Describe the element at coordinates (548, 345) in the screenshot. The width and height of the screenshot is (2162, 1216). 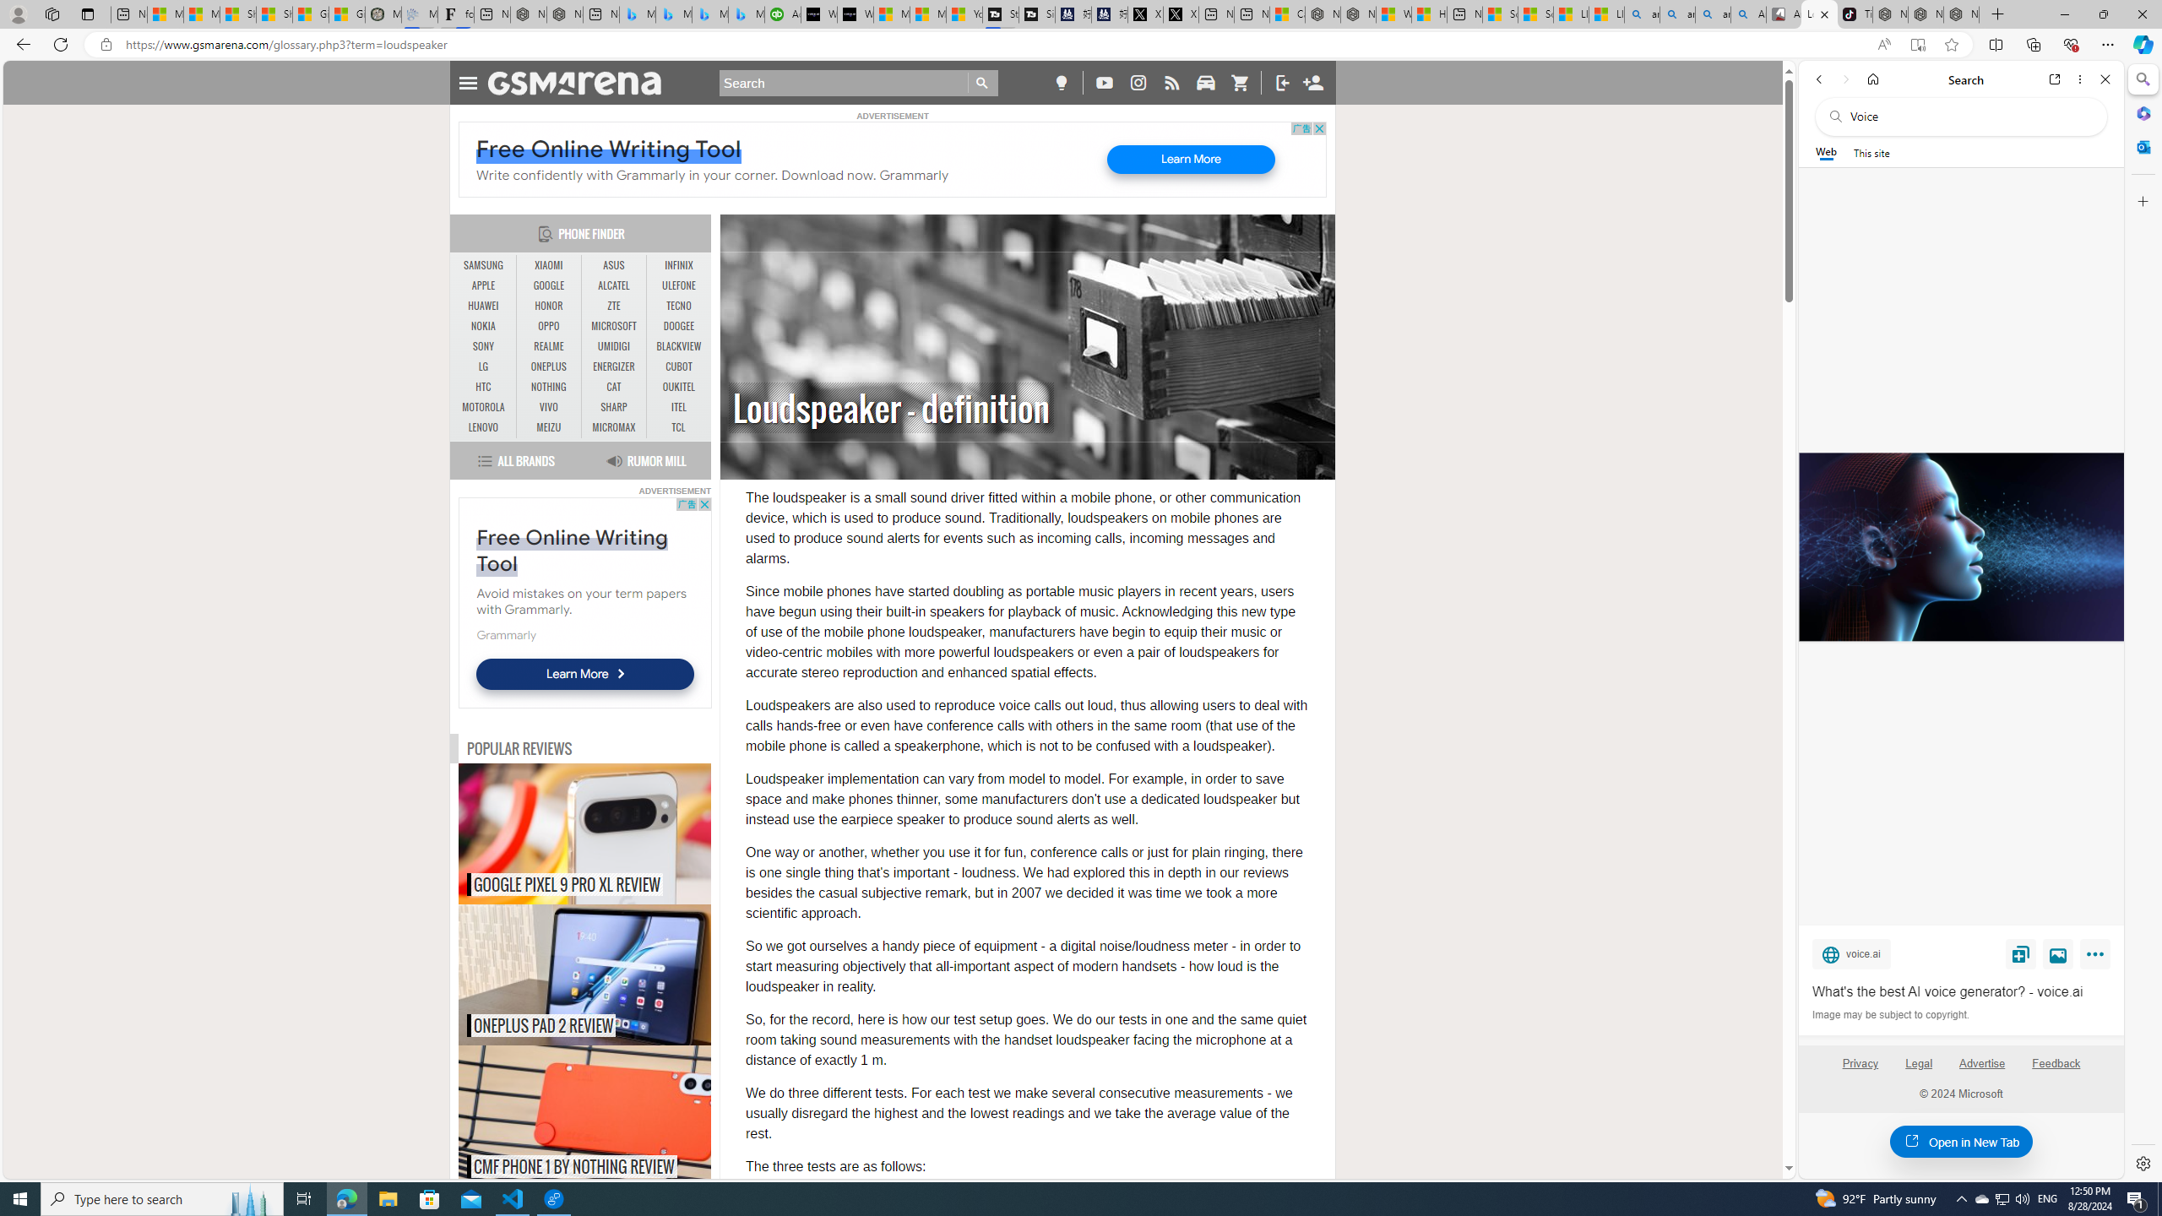
I see `'REALME'` at that location.